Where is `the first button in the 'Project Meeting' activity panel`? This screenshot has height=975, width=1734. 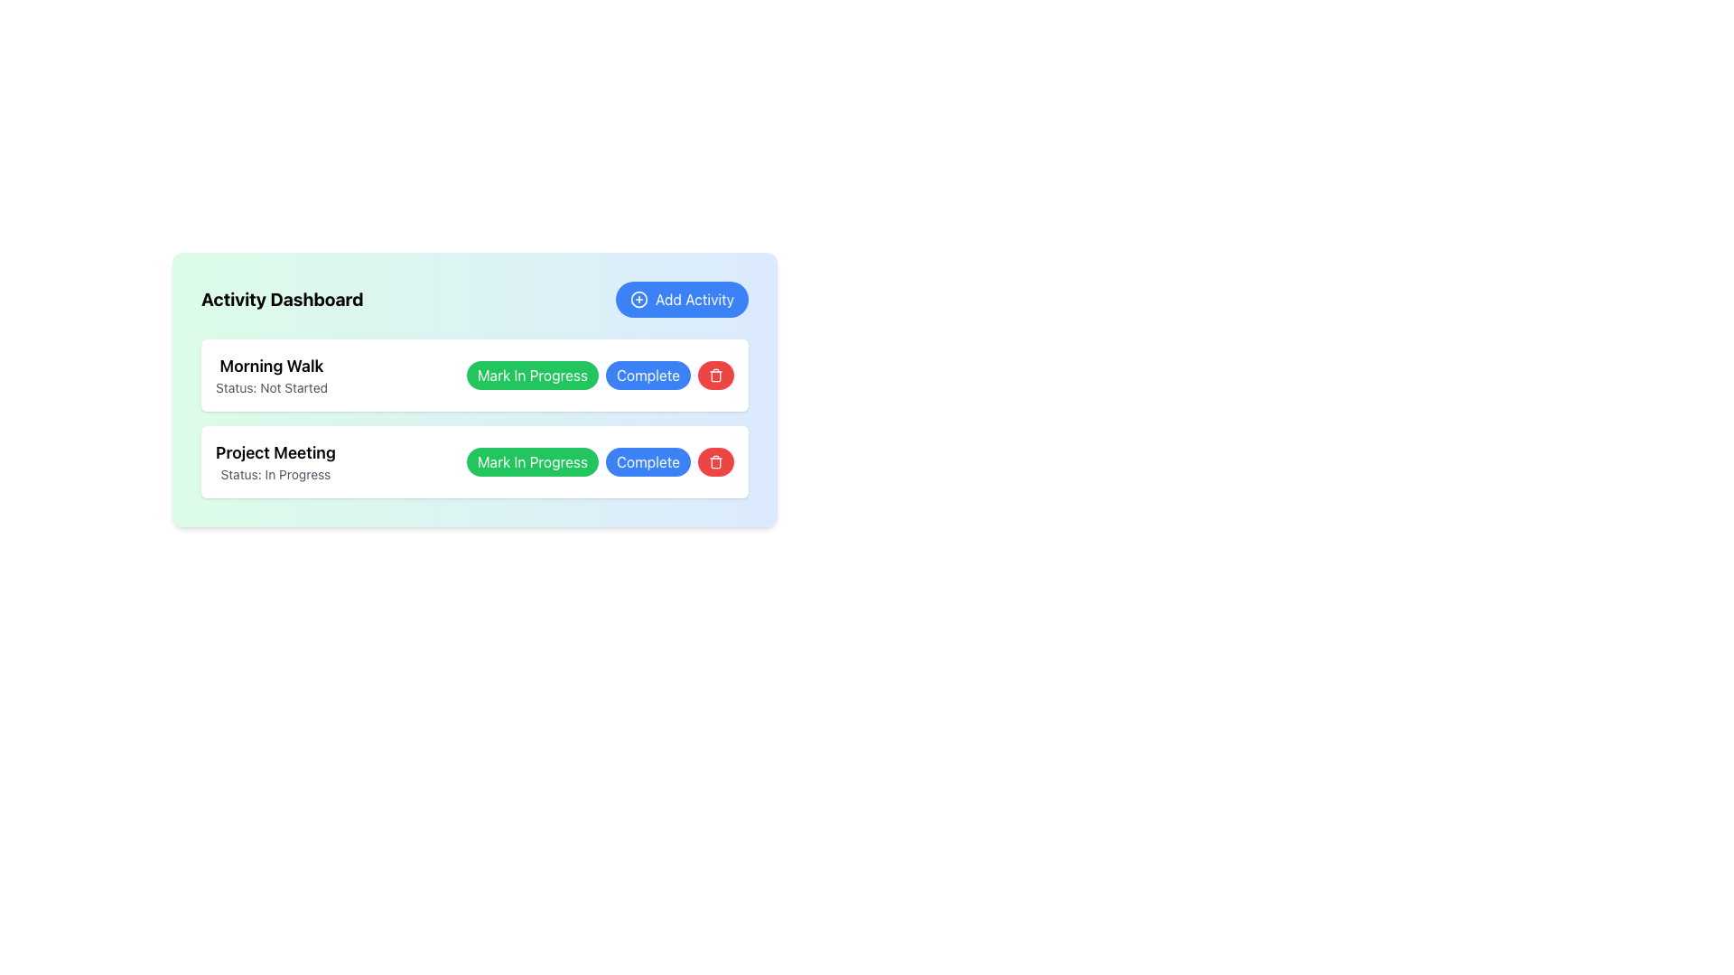
the first button in the 'Project Meeting' activity panel is located at coordinates (531, 461).